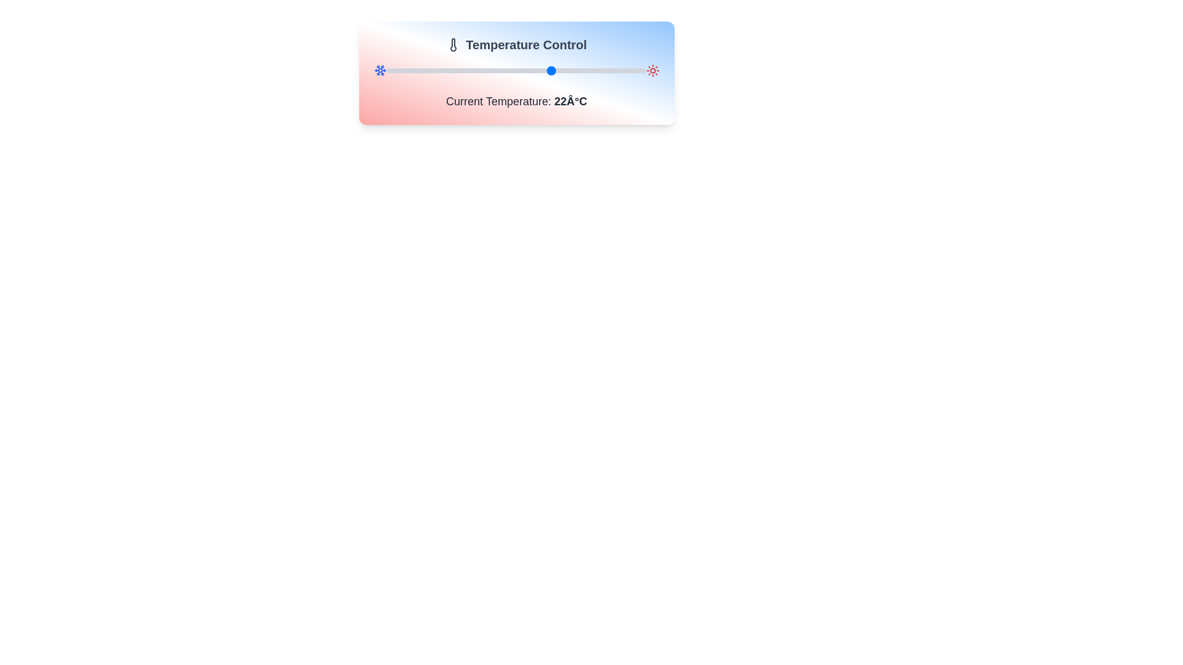 Image resolution: width=1183 pixels, height=665 pixels. Describe the element at coordinates (516, 44) in the screenshot. I see `the centered header text labeled 'Temperature Control' with a thermometer icon, which is placed on a light gradient background` at that location.